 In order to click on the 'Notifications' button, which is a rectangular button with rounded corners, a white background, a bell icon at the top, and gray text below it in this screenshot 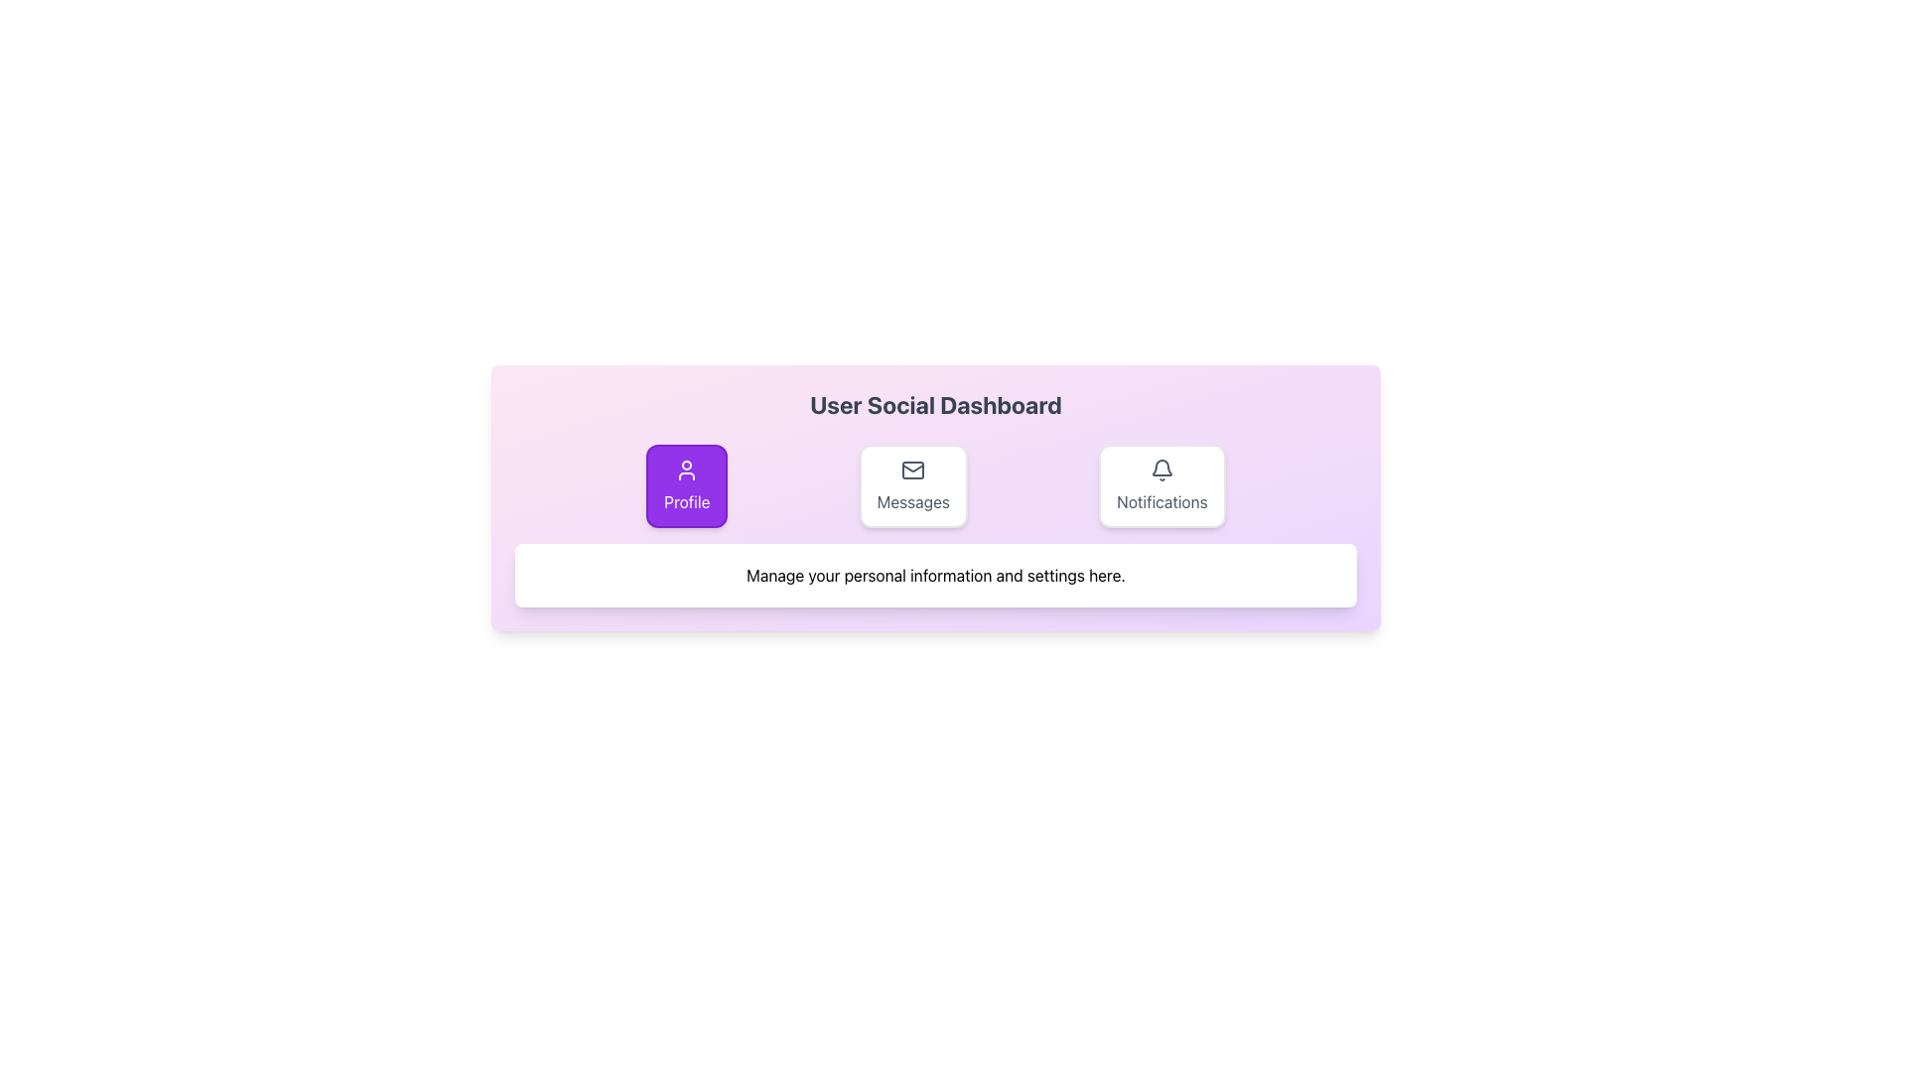, I will do `click(1161, 485)`.